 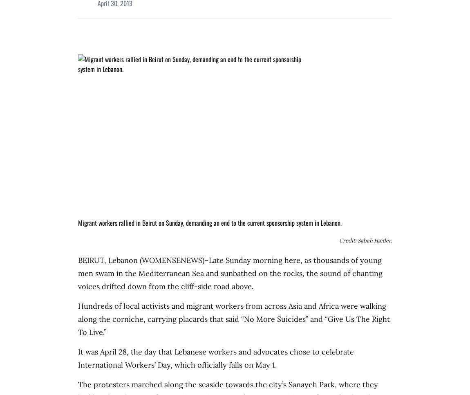 I want to click on 'Hundreds of local activists and migrant workers from across', so click(x=183, y=306).